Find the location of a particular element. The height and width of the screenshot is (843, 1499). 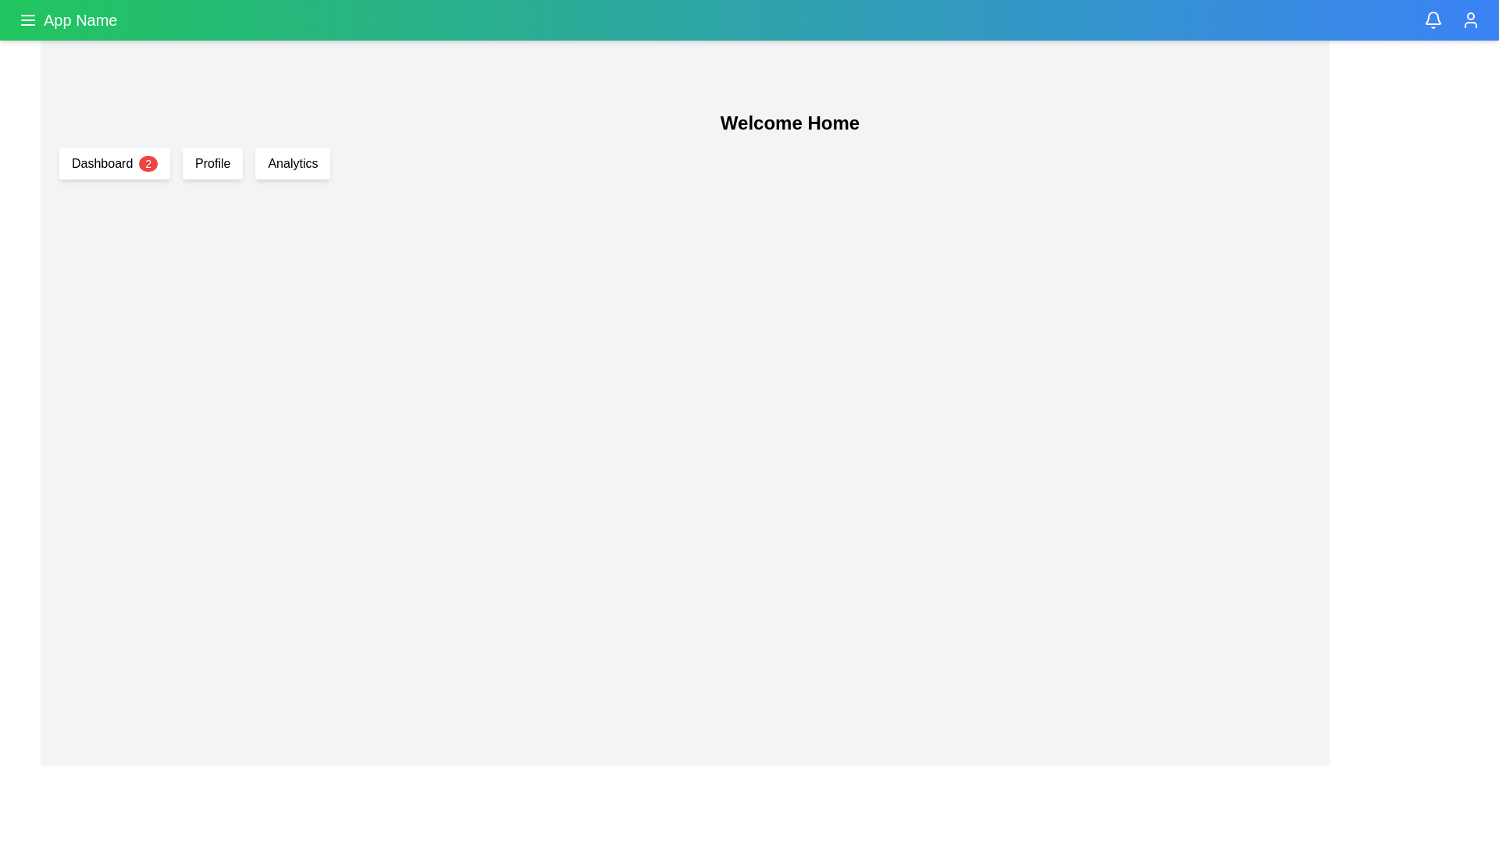

the text label that serves as a navigation option related to analytics, positioned third from the left in a horizontal grouping of buttons under the navigation bar is located at coordinates (293, 163).